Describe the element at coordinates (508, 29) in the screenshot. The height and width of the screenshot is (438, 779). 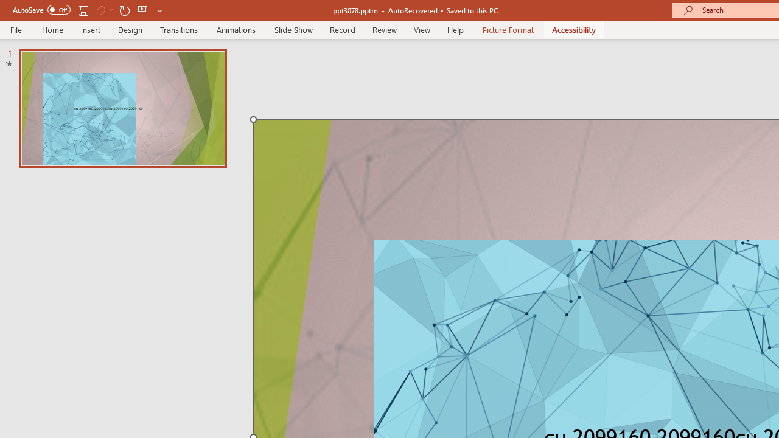
I see `'Picture Format'` at that location.